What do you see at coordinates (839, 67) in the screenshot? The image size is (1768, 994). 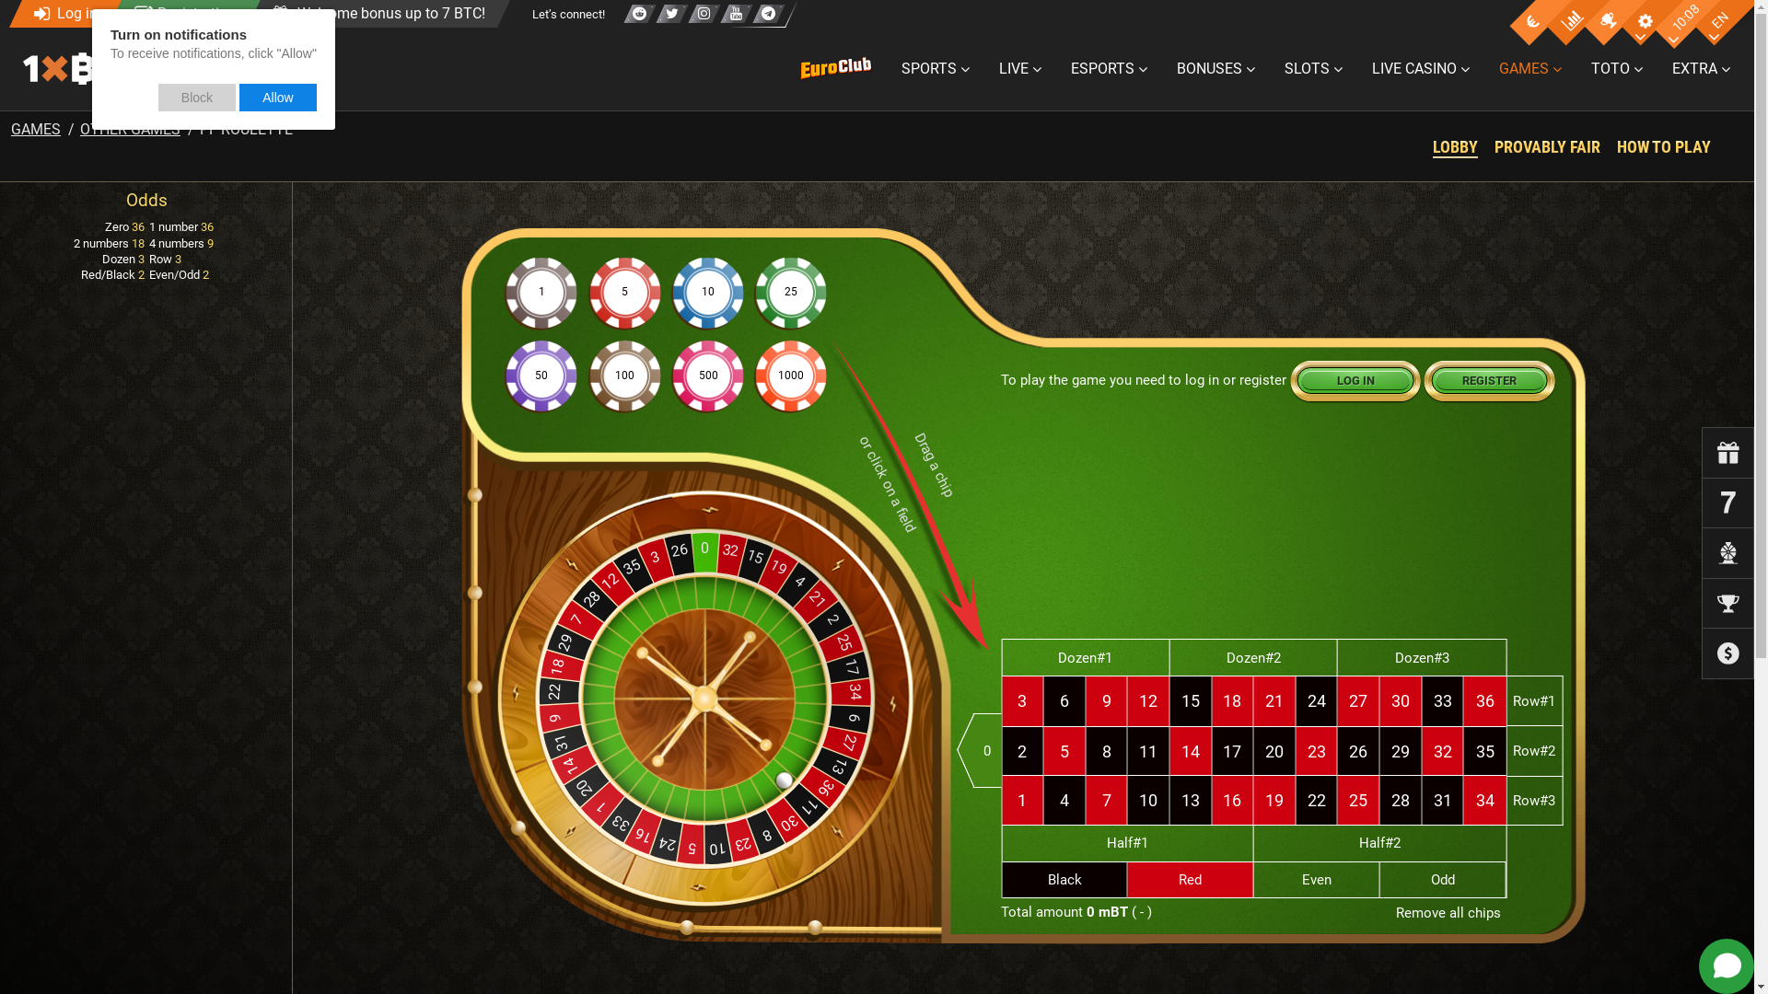 I see `'EuroClub'` at bounding box center [839, 67].